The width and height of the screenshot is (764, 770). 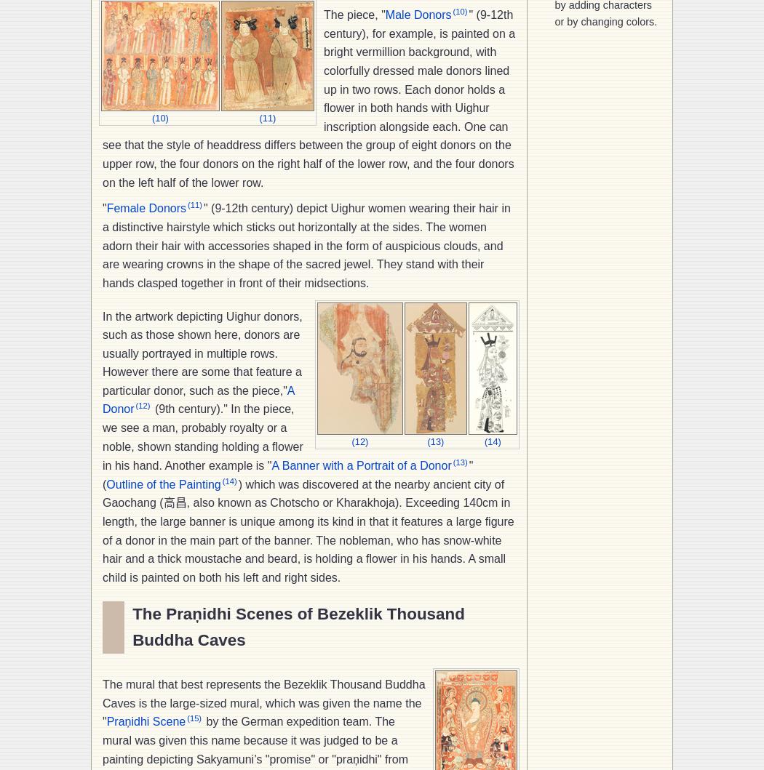 What do you see at coordinates (202, 436) in the screenshot?
I see `'(9th century)." In the piece, we see a man, probably royalty or a noble, shown standing holding a flower in his hand. Another example is "'` at bounding box center [202, 436].